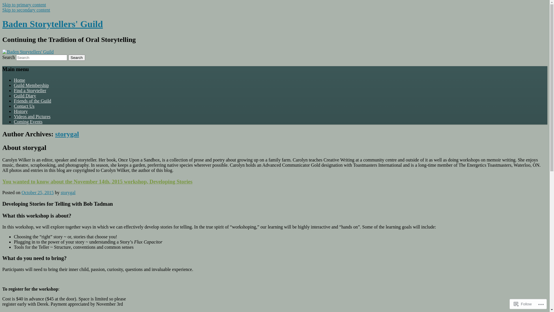 This screenshot has height=312, width=554. I want to click on 'storygal', so click(67, 134).